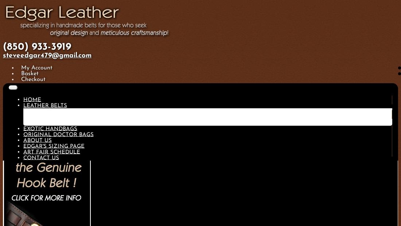 This screenshot has height=226, width=401. What do you see at coordinates (23, 157) in the screenshot?
I see `'Contact Us'` at bounding box center [23, 157].